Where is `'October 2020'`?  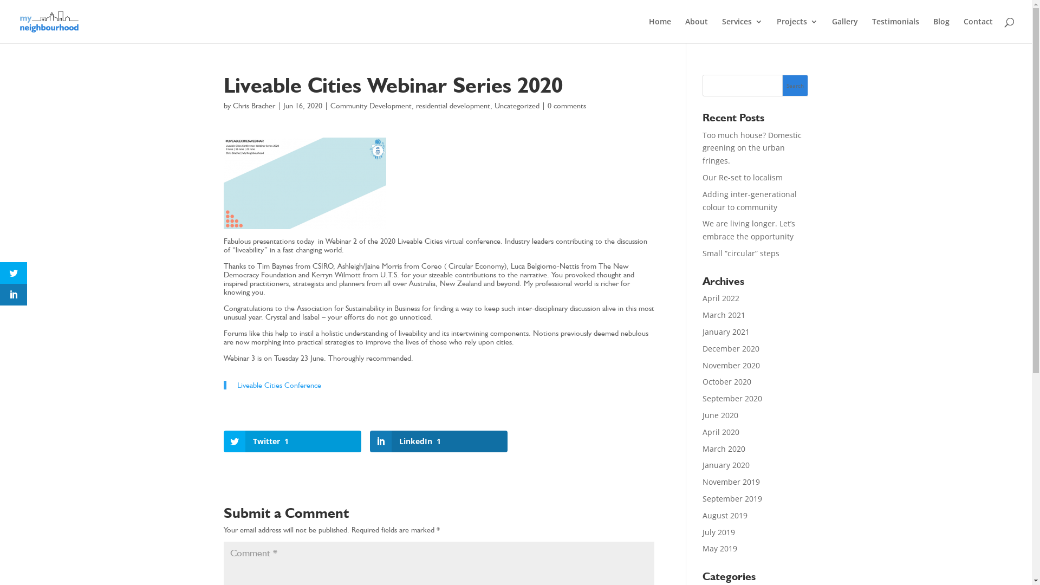 'October 2020' is located at coordinates (727, 381).